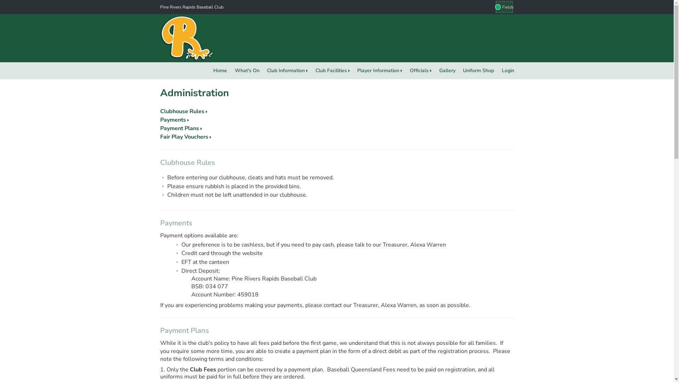  Describe the element at coordinates (185, 137) in the screenshot. I see `'Fair Play Vouchers'` at that location.